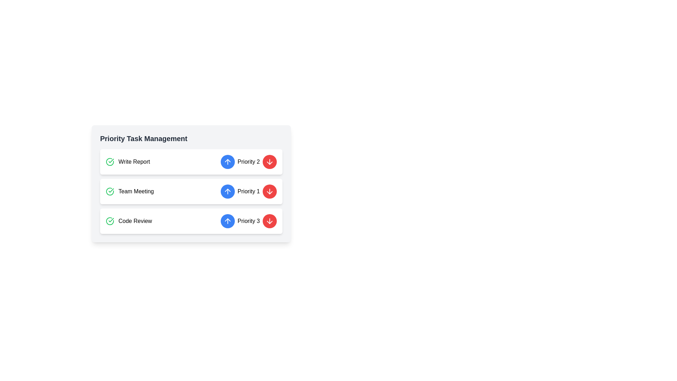 Image resolution: width=677 pixels, height=381 pixels. What do you see at coordinates (227, 162) in the screenshot?
I see `the priority adjustment button for the 'Team Meeting' task` at bounding box center [227, 162].